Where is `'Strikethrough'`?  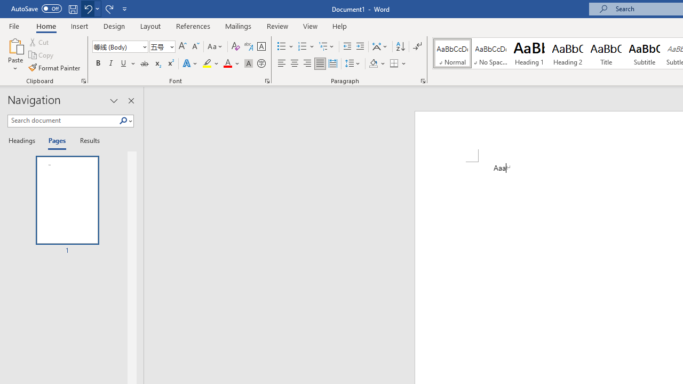
'Strikethrough' is located at coordinates (144, 63).